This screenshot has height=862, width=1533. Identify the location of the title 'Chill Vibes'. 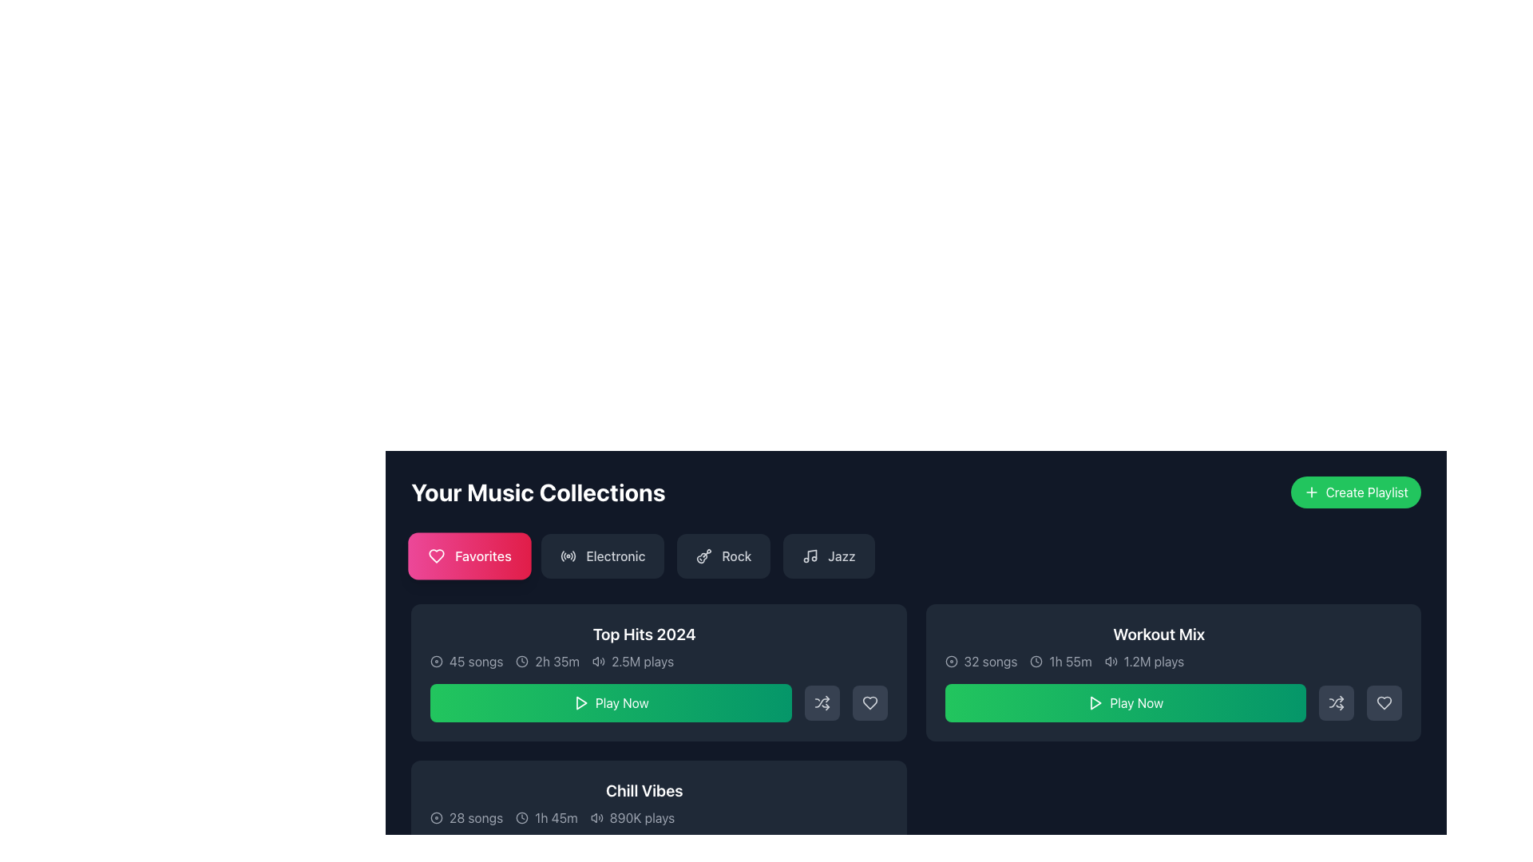
(644, 803).